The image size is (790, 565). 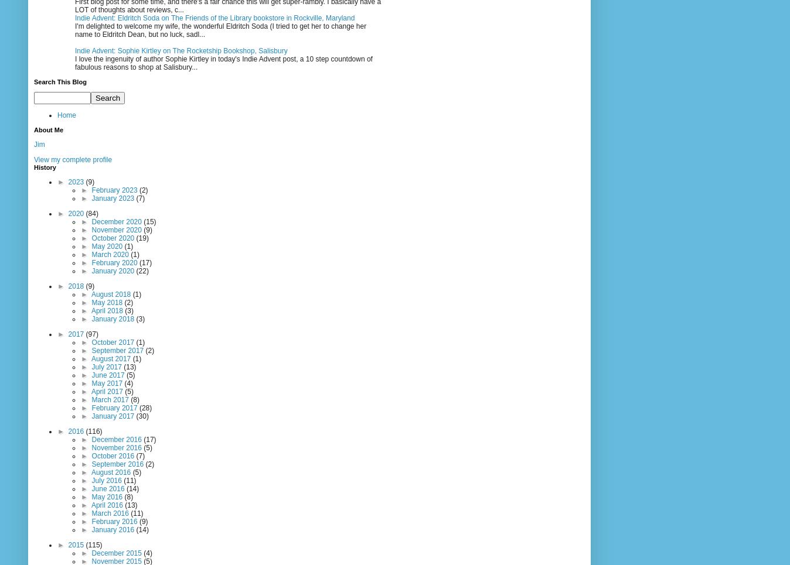 I want to click on 'I'm delighted to welcome my wife, the wonderful Eldritch Soda (I tried to get her to change her name to Eldritch Dean, but no luck, sadl...', so click(x=220, y=30).